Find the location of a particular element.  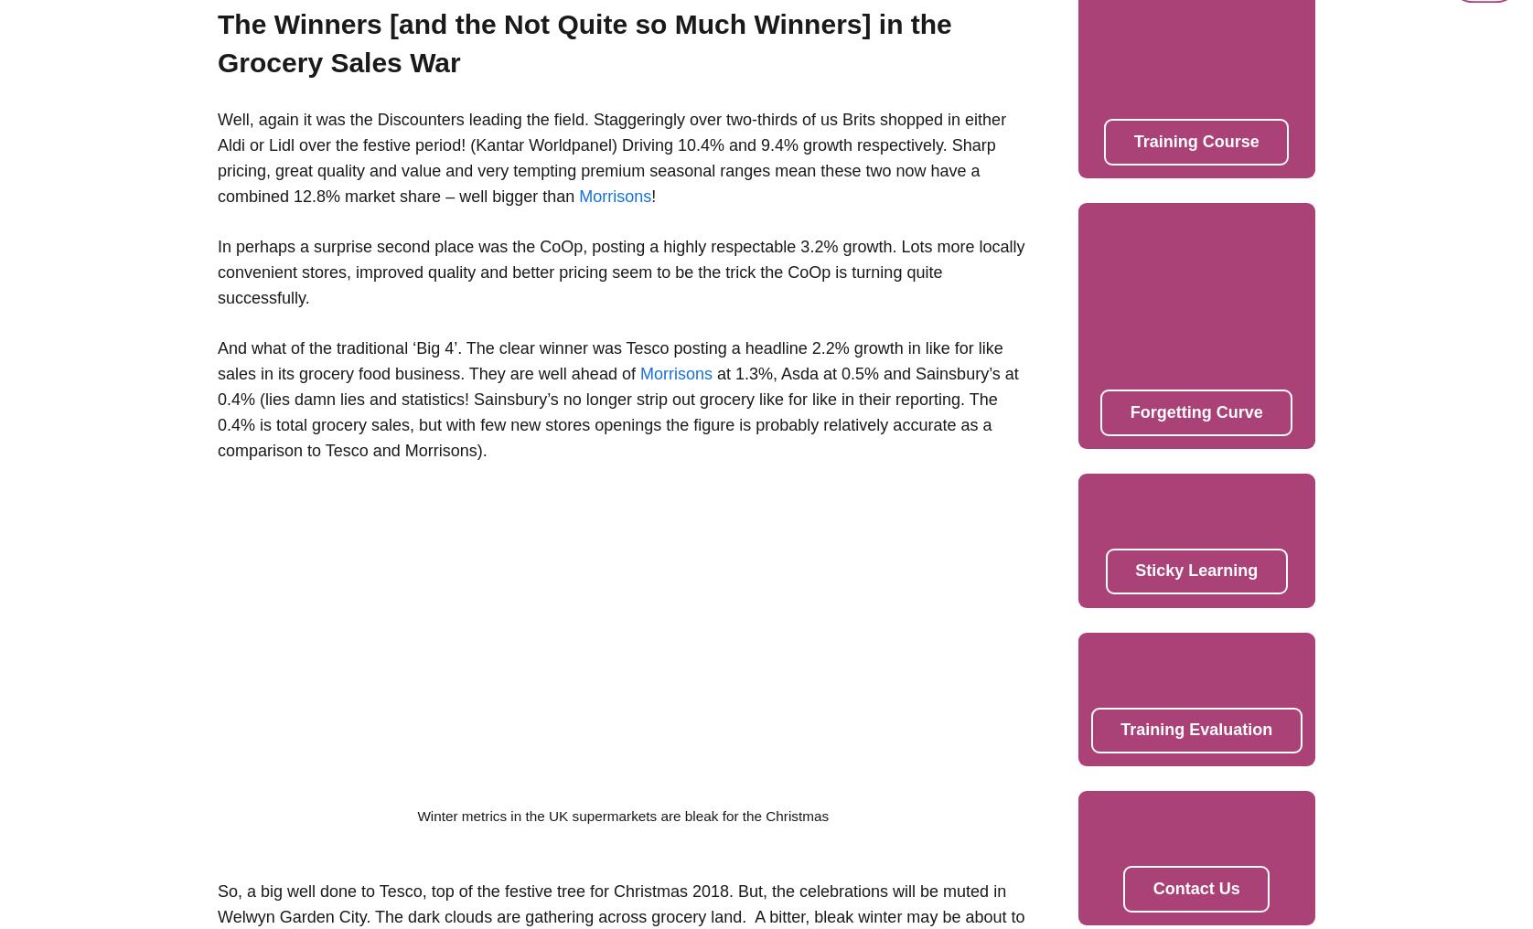

'!' is located at coordinates (652, 196).